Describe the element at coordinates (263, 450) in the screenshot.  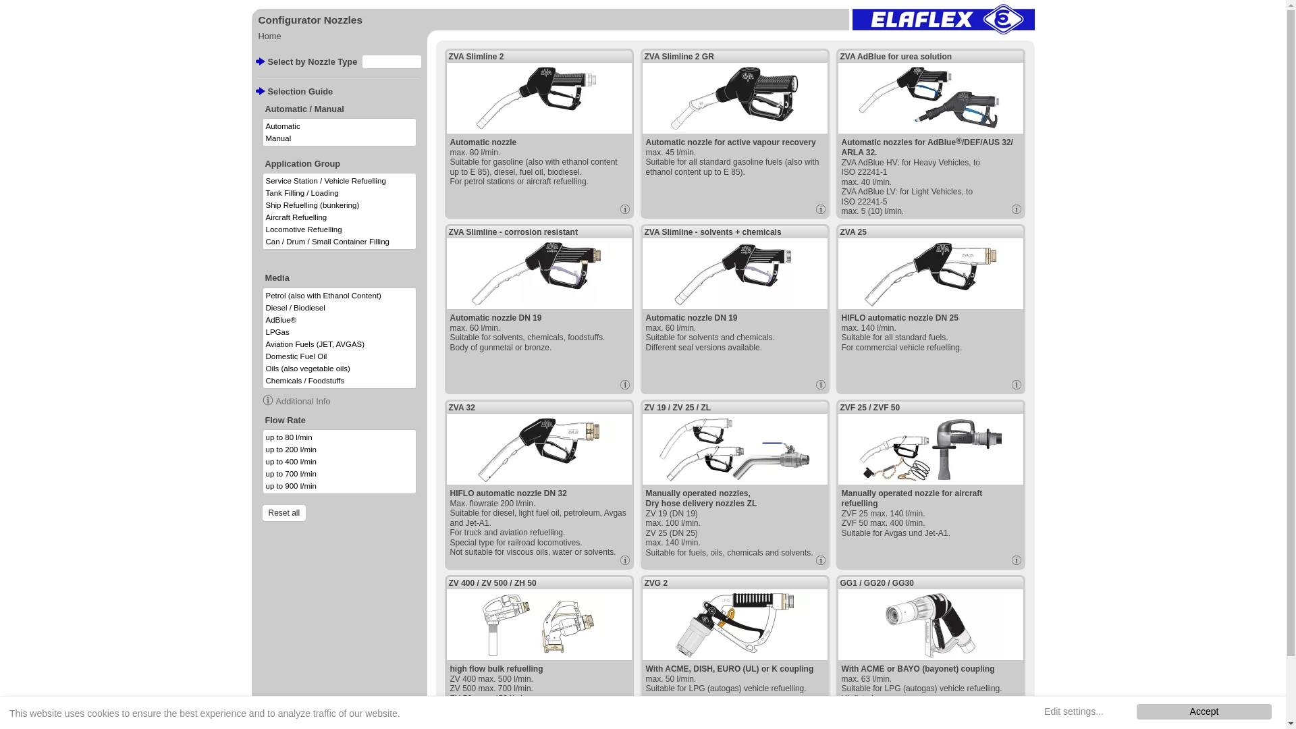
I see `'up to 200 l/min'` at that location.